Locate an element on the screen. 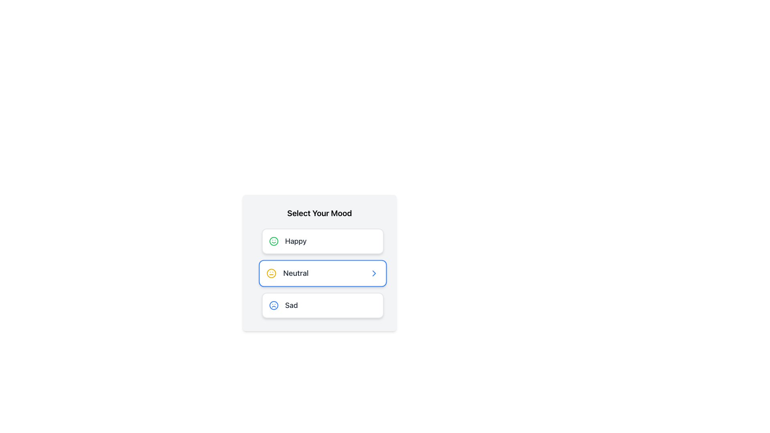 This screenshot has height=433, width=770. the 'Neutral' mood selectable card to provide visual emphasis, which is the second item in the mood selection list between 'Happy' and 'Sad' is located at coordinates (319, 273).